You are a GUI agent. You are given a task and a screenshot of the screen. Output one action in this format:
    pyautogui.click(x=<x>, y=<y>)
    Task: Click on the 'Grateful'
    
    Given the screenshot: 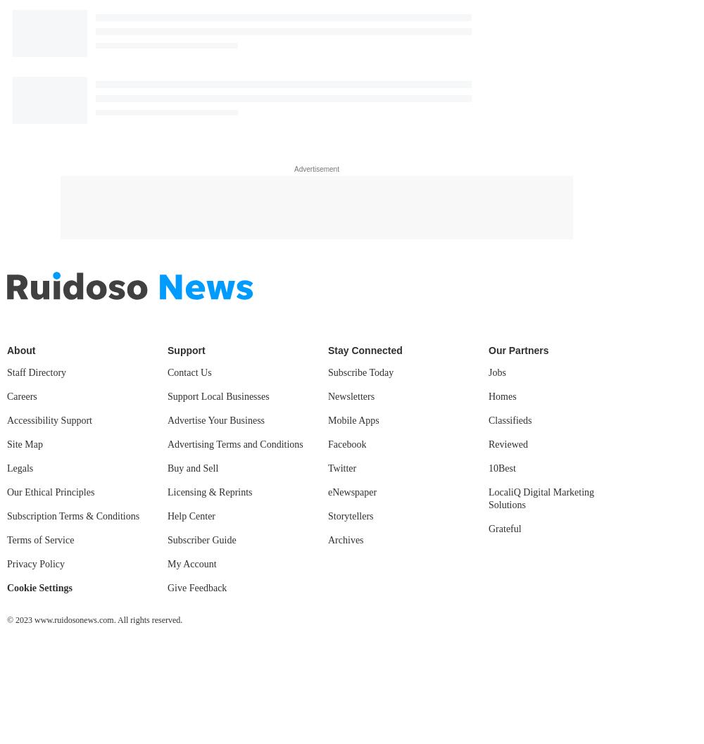 What is the action you would take?
    pyautogui.click(x=504, y=528)
    